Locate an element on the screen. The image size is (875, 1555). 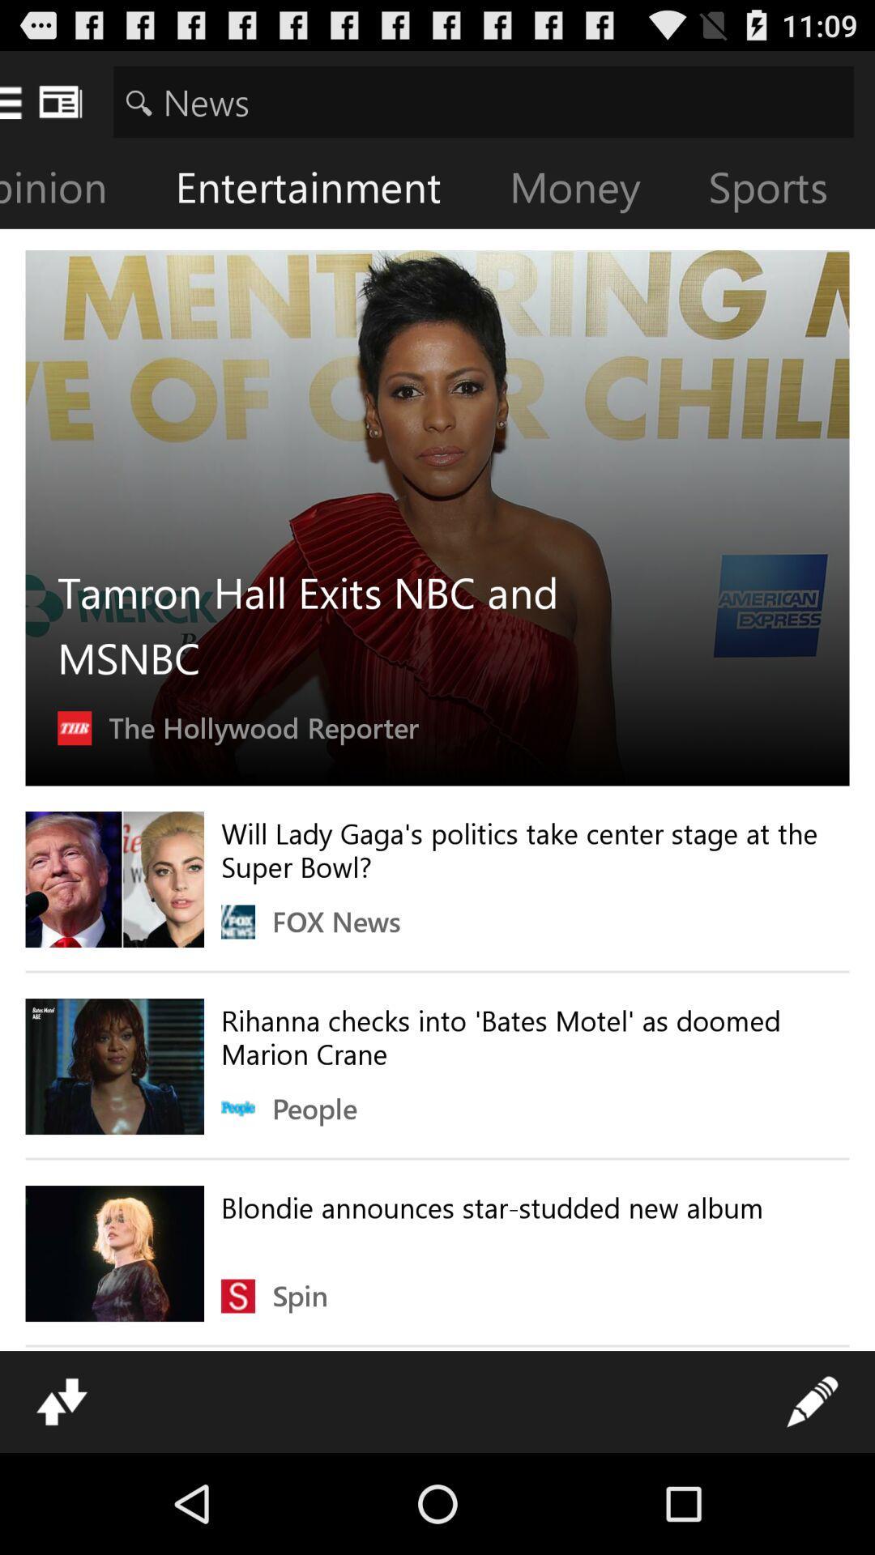
item above opinion icon is located at coordinates (483, 100).